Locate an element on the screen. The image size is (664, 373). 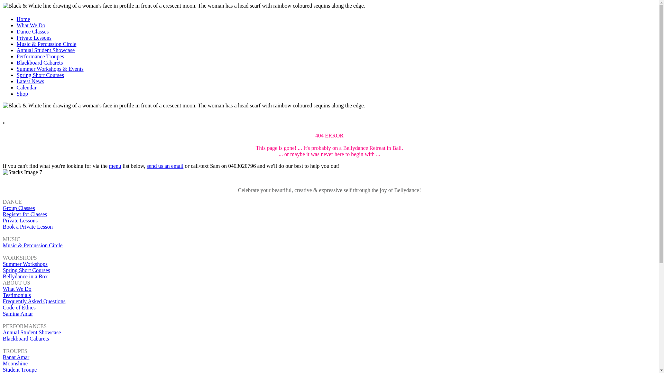
'Performance Troupes' is located at coordinates (40, 56).